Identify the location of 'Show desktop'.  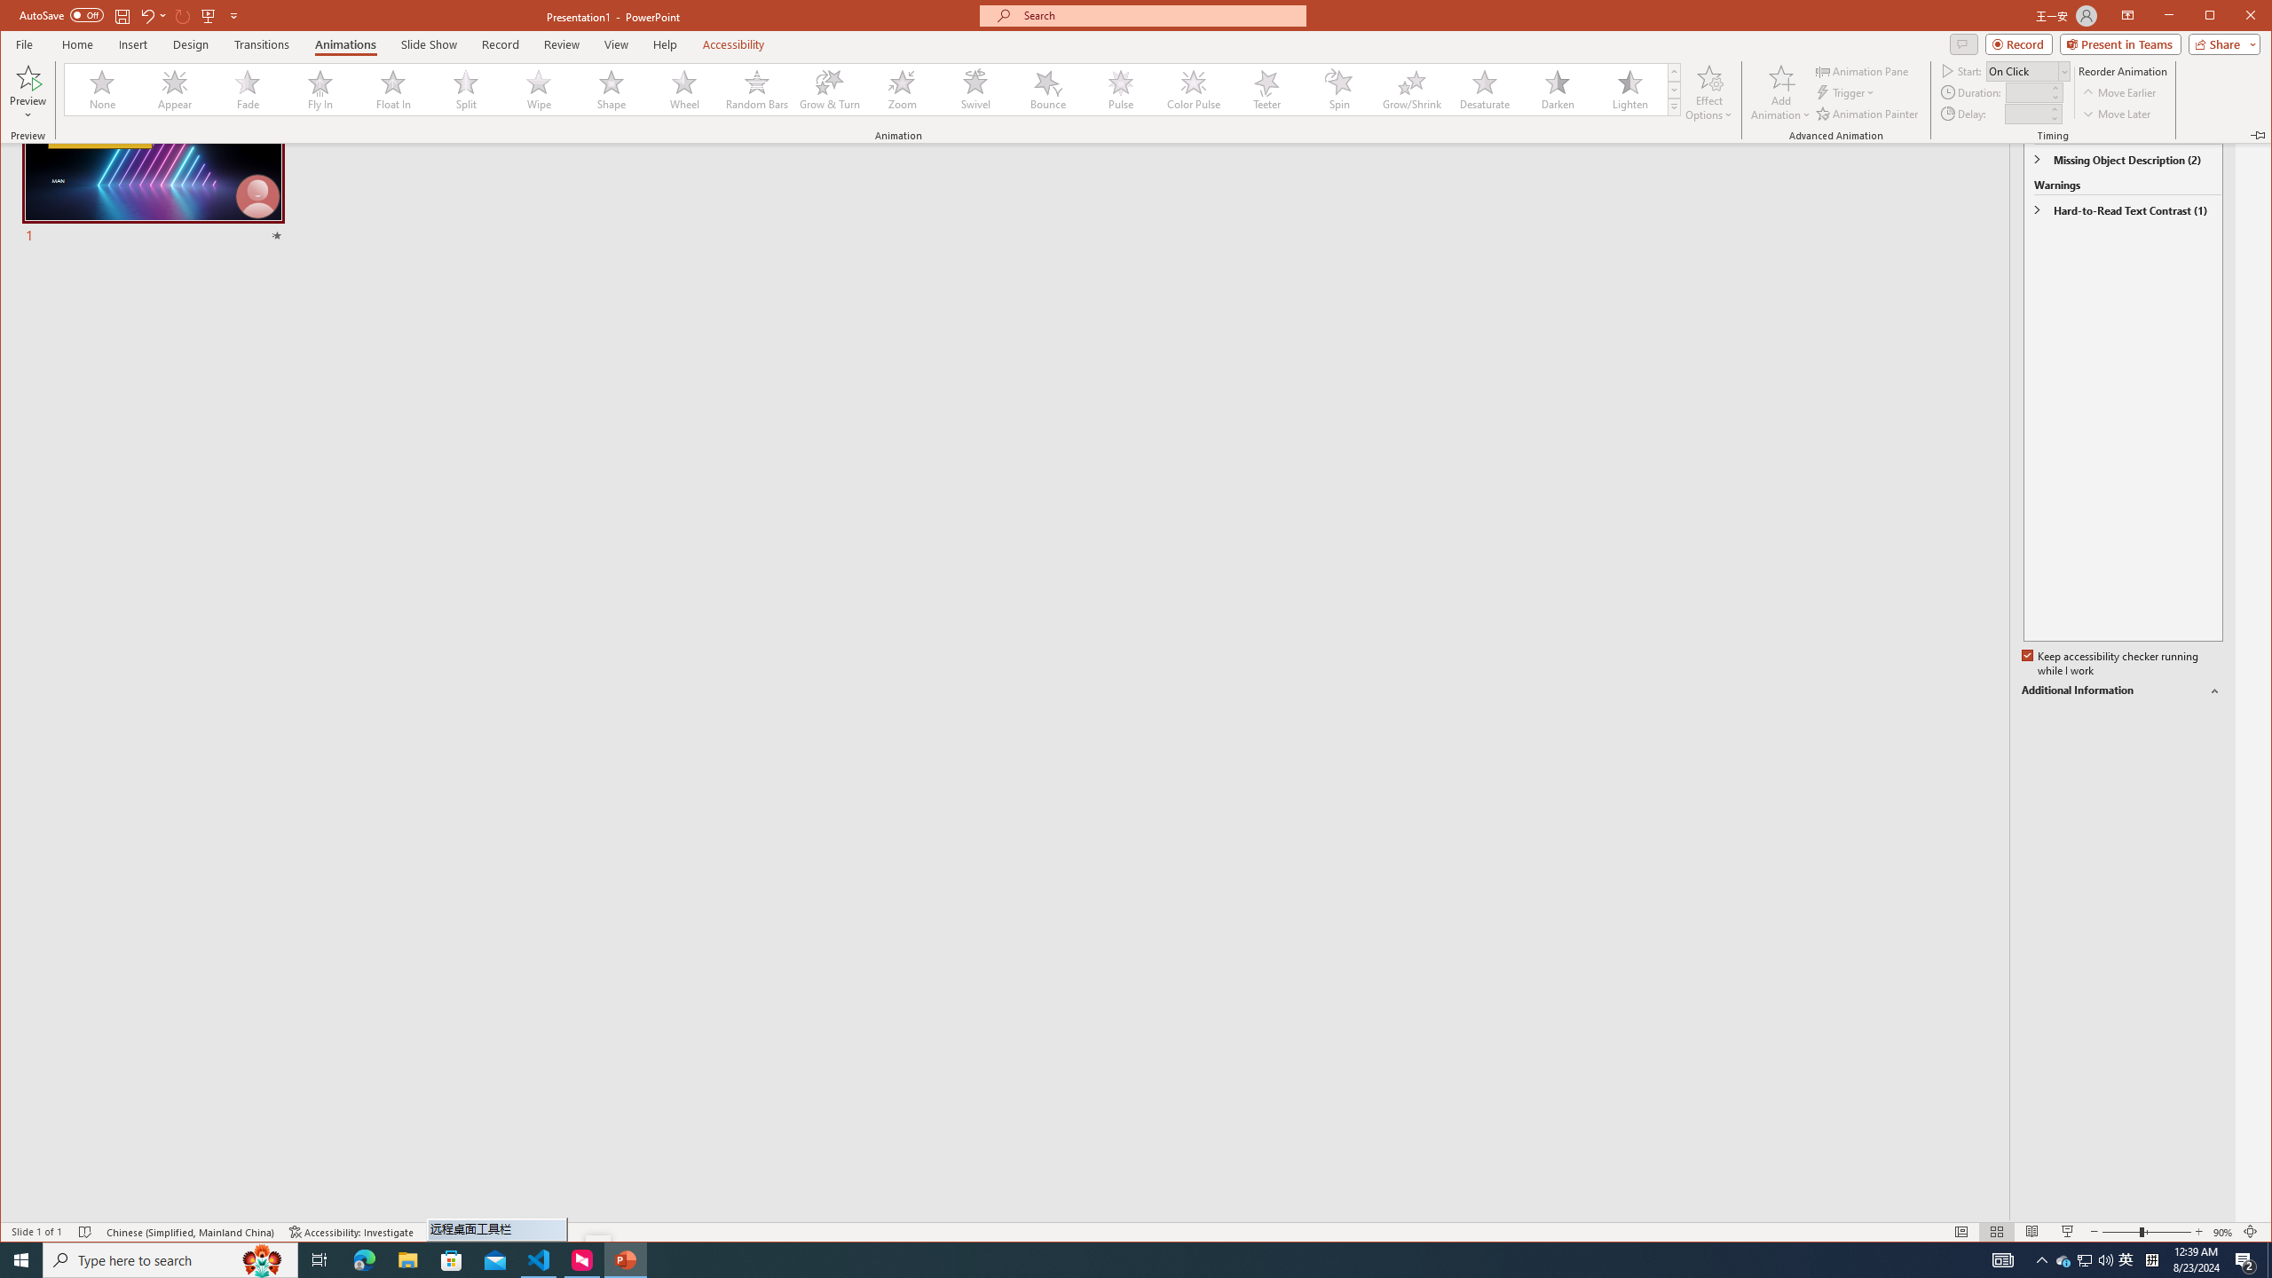
(2268, 1258).